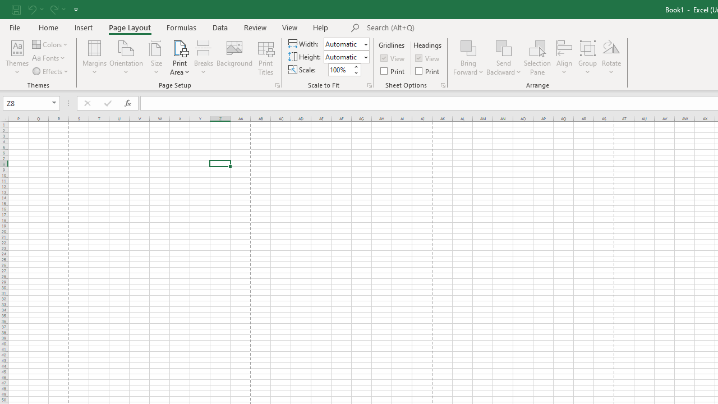  Describe the element at coordinates (265, 58) in the screenshot. I see `'Print Titles'` at that location.